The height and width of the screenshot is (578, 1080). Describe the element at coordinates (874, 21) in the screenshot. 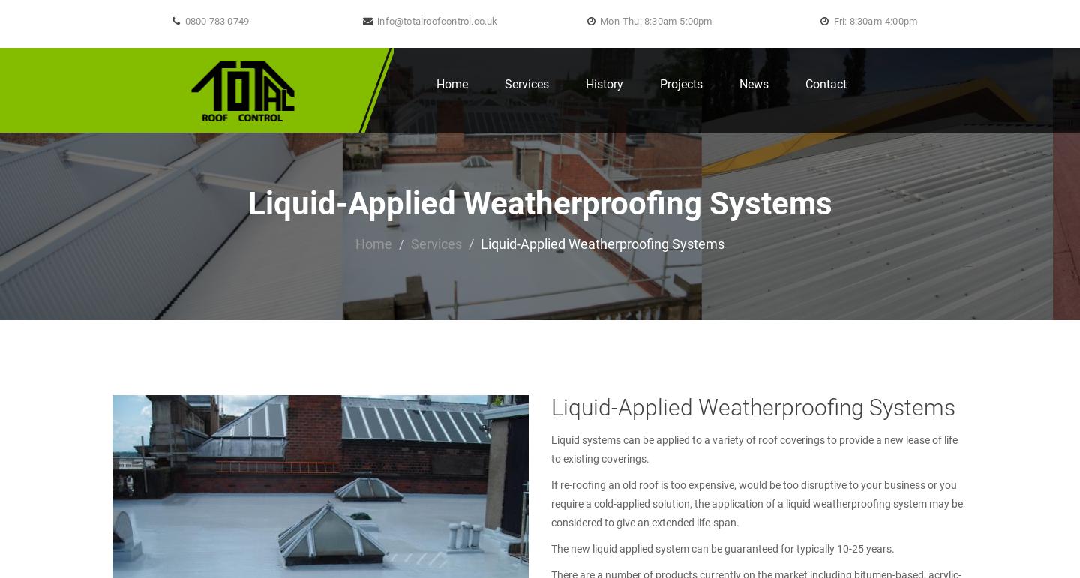

I see `'Fri:  8:30am-4:00pm'` at that location.